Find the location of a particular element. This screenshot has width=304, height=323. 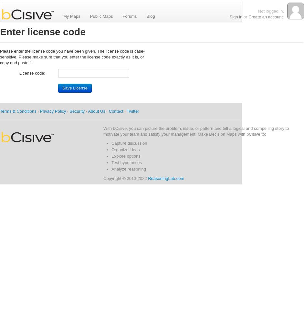

'Please enter the license code you have been given. The license code is case-sensitive. Please make sure that you enter the license code exactly as it is, or copy and paste it.' is located at coordinates (72, 57).